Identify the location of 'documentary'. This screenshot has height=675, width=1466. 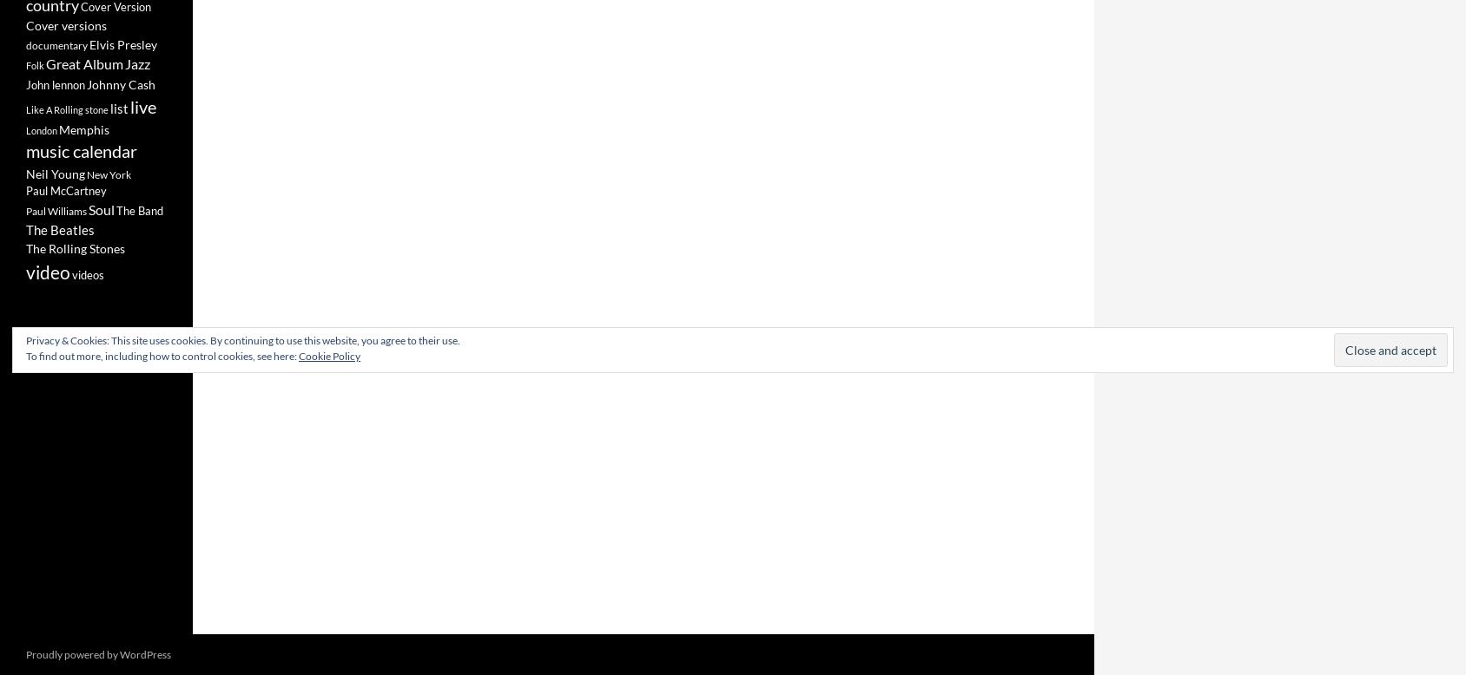
(56, 44).